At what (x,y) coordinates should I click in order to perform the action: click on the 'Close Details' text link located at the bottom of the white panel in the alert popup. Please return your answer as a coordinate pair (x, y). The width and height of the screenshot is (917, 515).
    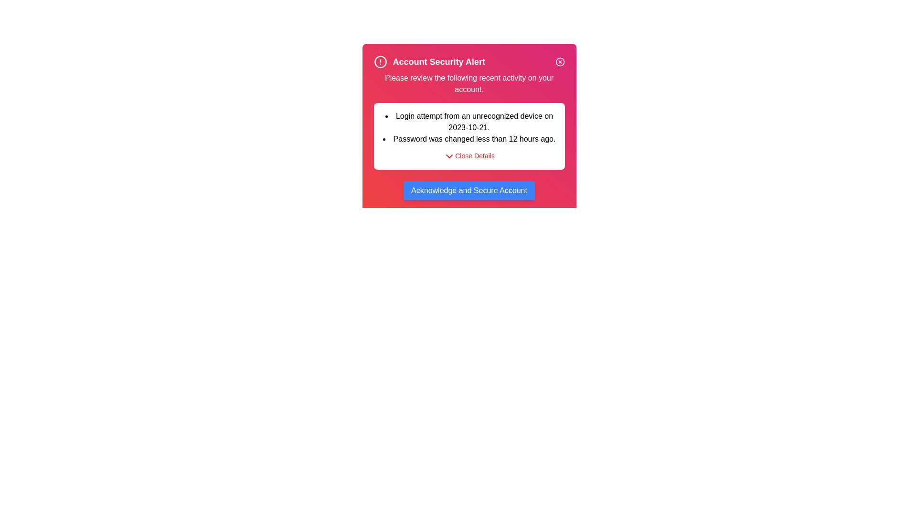
    Looking at the image, I should click on (475, 155).